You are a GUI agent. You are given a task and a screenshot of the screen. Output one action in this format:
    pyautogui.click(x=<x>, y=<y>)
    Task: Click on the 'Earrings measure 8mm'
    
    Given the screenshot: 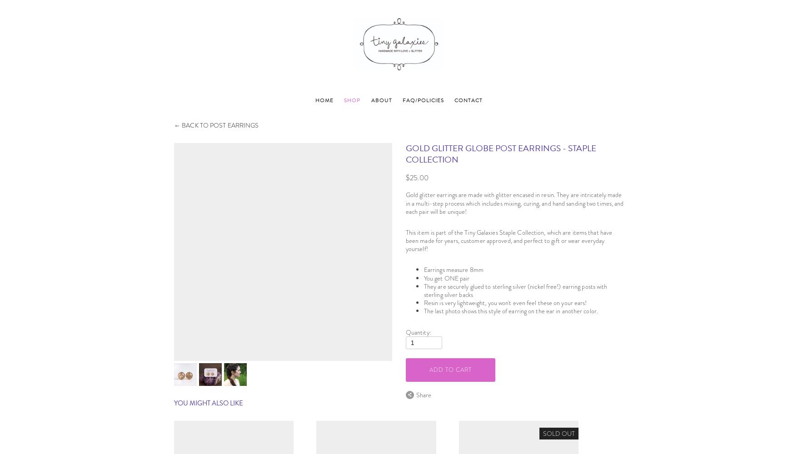 What is the action you would take?
    pyautogui.click(x=453, y=269)
    